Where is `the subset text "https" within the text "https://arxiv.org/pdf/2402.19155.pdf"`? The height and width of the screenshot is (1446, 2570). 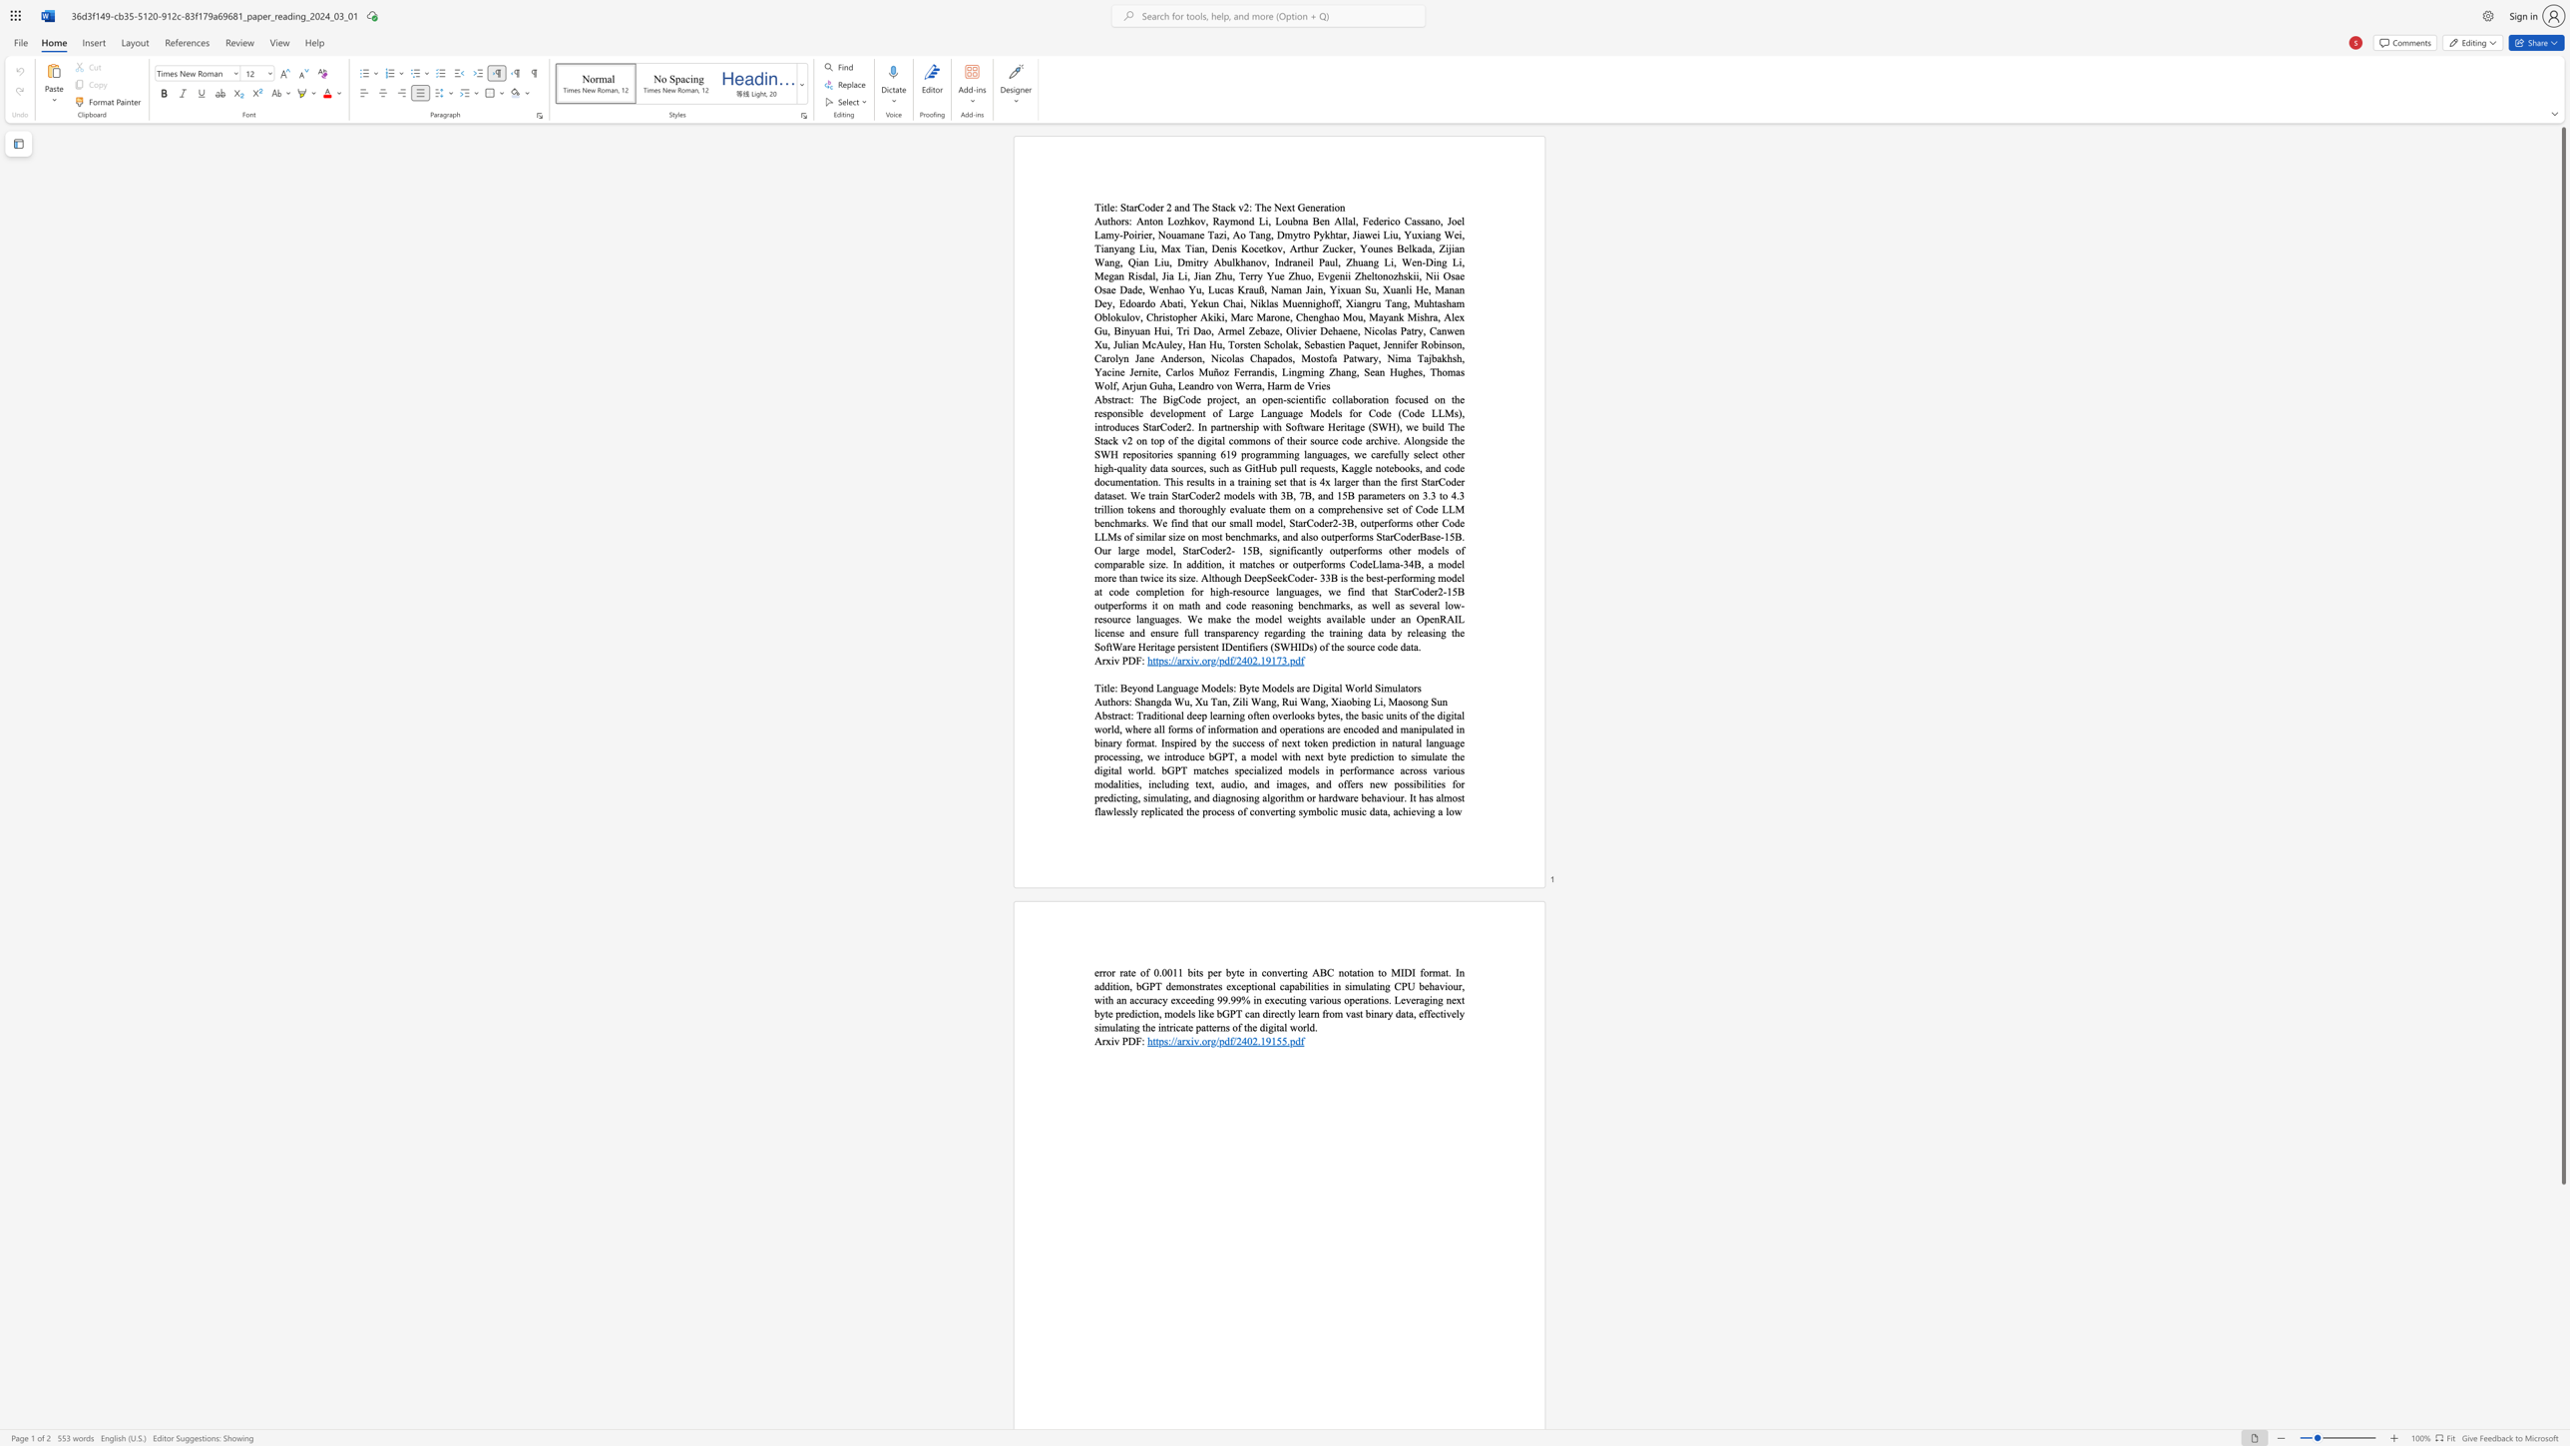
the subset text "https" within the text "https://arxiv.org/pdf/2402.19155.pdf" is located at coordinates (1146, 1040).